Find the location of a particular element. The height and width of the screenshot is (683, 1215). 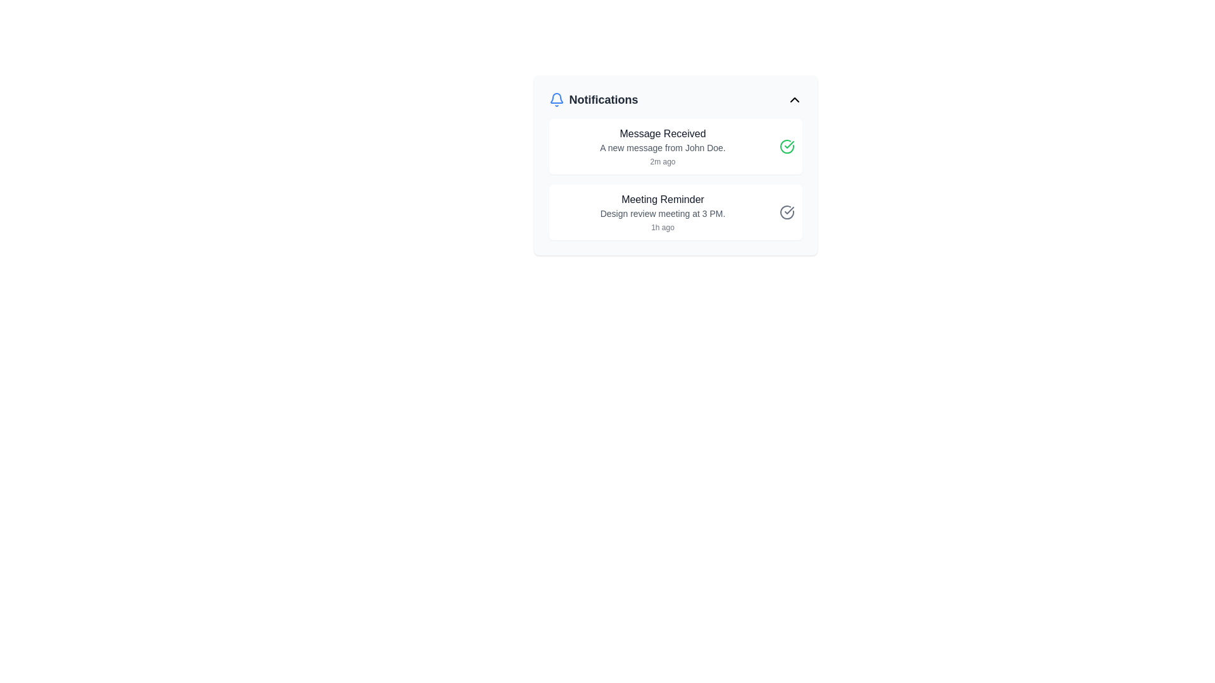

the checkmark icon within the top-right notification entry that indicates a successful status for the 'Message Received' notification is located at coordinates (786, 211).